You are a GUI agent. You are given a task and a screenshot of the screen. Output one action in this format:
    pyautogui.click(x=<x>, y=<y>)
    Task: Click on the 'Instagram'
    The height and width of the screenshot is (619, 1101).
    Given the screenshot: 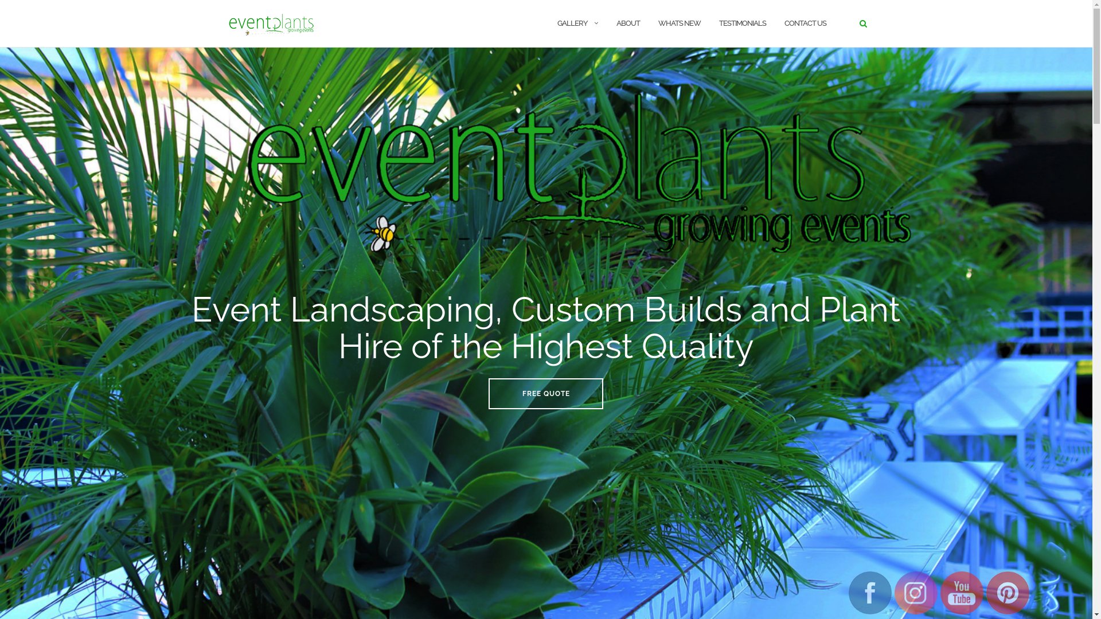 What is the action you would take?
    pyautogui.click(x=915, y=593)
    